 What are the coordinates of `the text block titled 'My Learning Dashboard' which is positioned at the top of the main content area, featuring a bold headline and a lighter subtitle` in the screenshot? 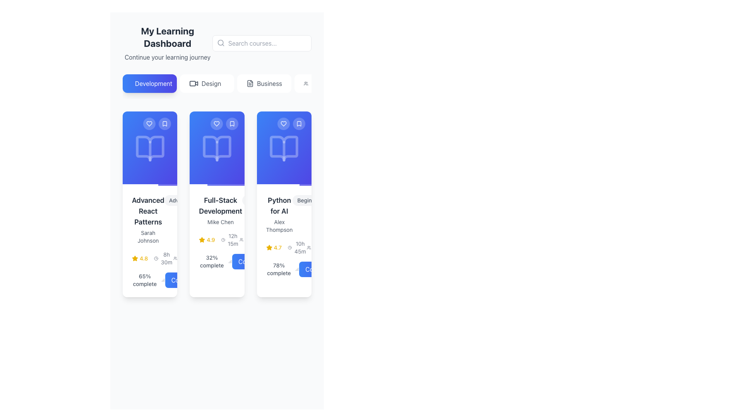 It's located at (167, 43).